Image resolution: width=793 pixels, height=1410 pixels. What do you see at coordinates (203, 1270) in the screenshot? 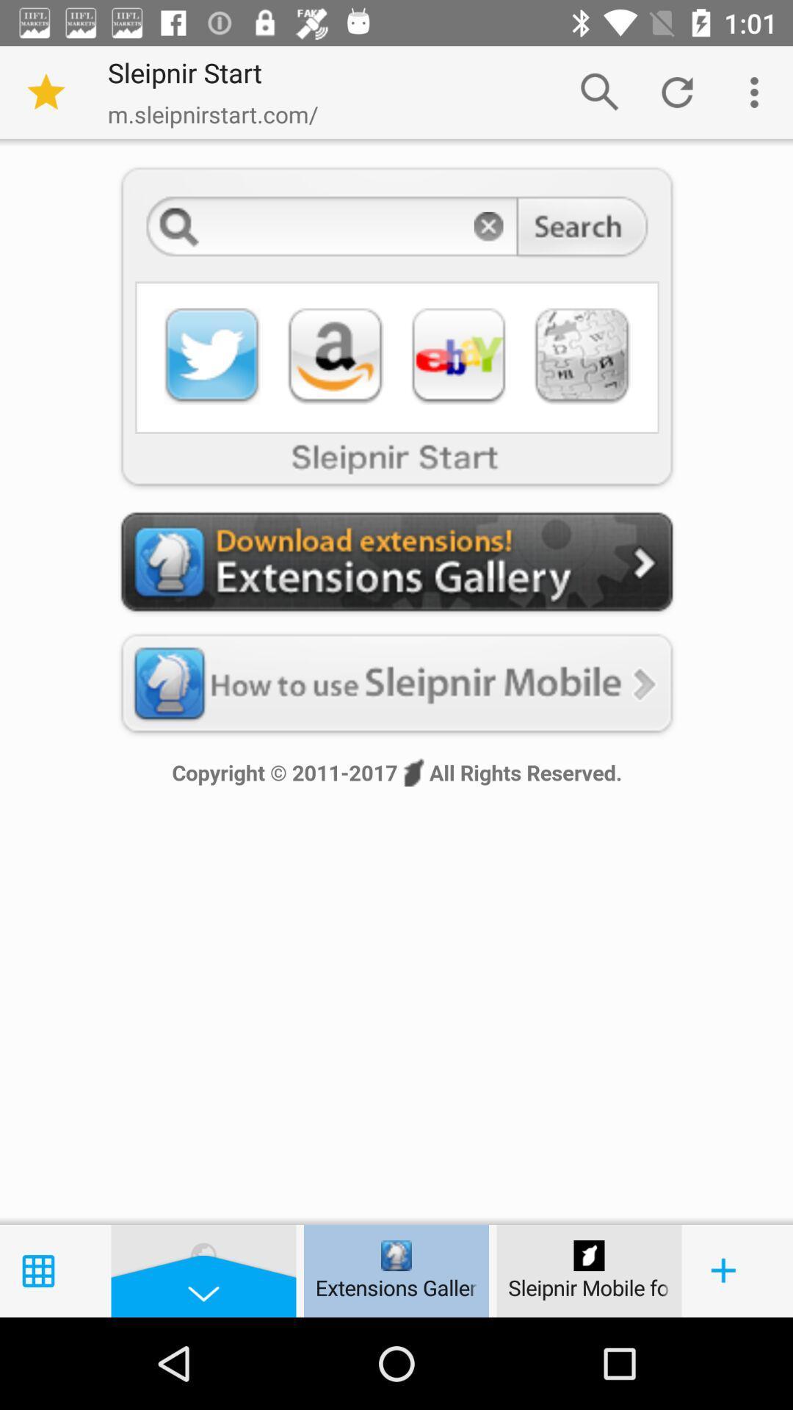
I see `the left side bottom 2nd box` at bounding box center [203, 1270].